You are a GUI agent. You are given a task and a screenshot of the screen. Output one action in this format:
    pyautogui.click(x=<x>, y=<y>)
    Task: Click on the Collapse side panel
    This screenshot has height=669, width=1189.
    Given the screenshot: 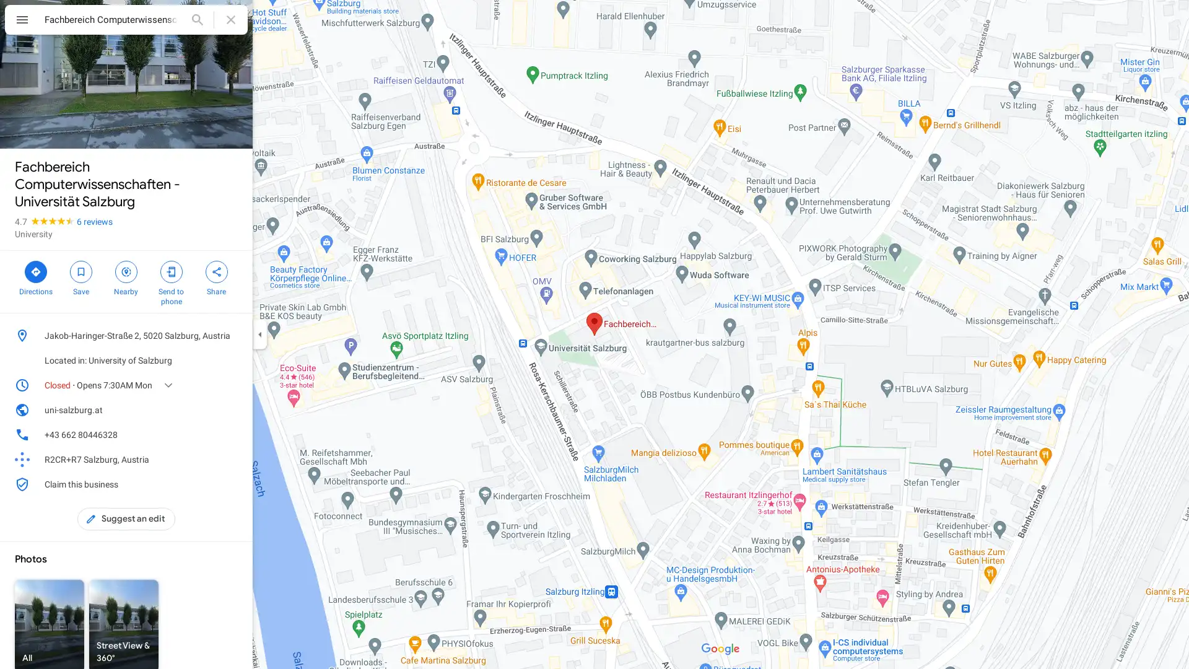 What is the action you would take?
    pyautogui.click(x=259, y=334)
    